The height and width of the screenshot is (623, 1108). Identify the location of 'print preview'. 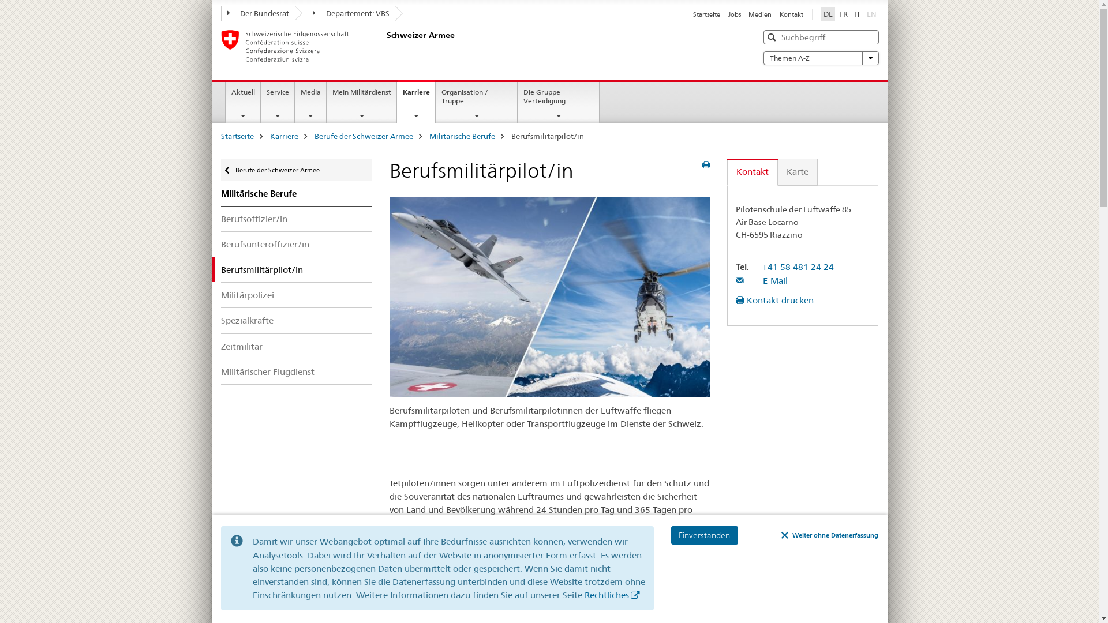
(705, 164).